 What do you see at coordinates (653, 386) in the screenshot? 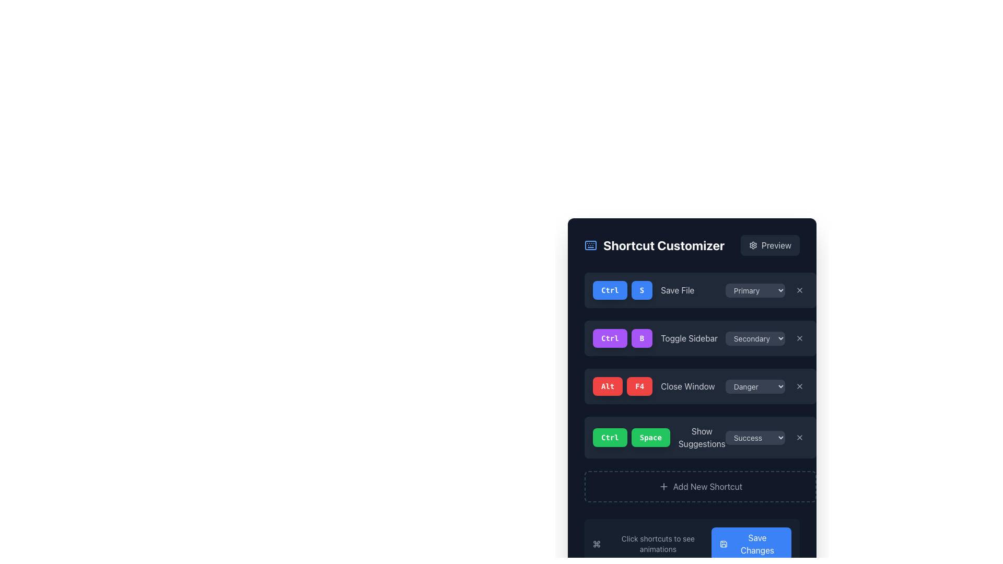
I see `associated action description for the keyboard shortcut display of 'Alt' + 'F4' located as the third item in the list of shortcut customizations` at bounding box center [653, 386].